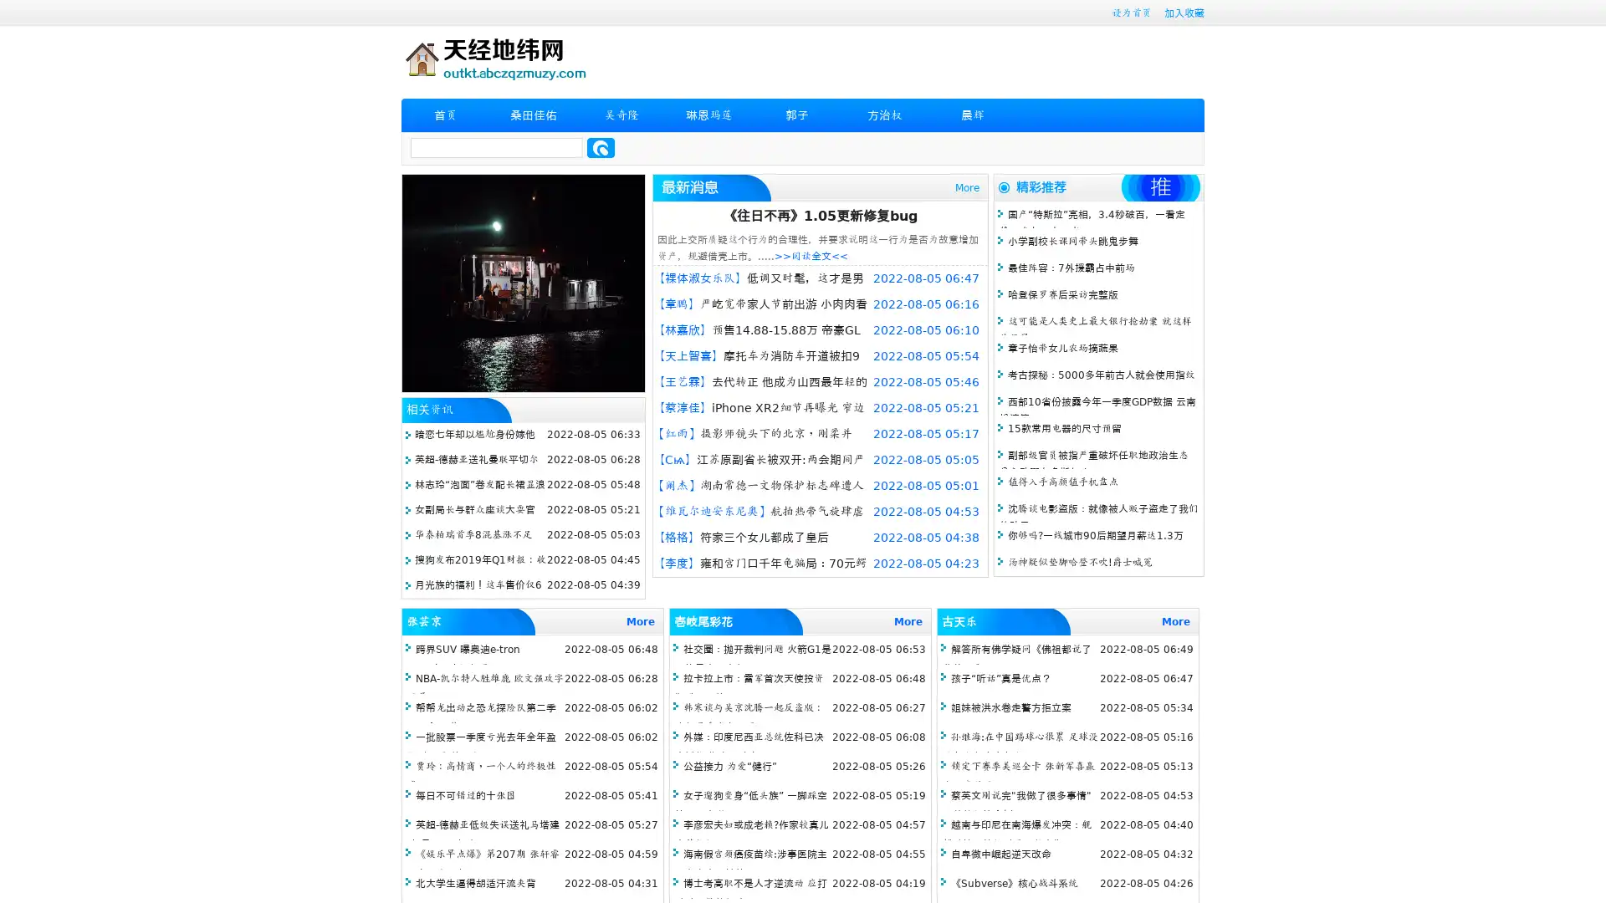 The height and width of the screenshot is (903, 1606). What do you see at coordinates (601, 147) in the screenshot?
I see `Search` at bounding box center [601, 147].